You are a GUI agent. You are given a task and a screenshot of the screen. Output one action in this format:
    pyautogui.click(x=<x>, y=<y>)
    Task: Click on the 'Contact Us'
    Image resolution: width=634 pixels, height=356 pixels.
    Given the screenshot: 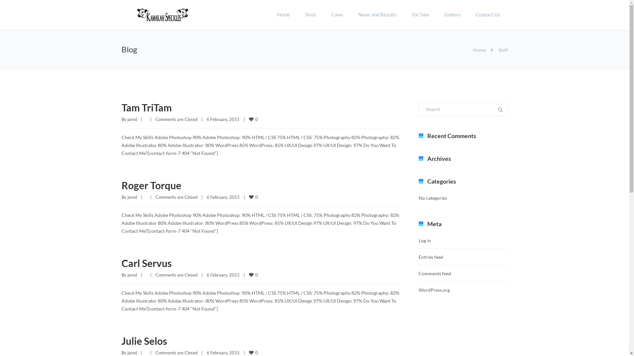 What is the action you would take?
    pyautogui.click(x=488, y=15)
    